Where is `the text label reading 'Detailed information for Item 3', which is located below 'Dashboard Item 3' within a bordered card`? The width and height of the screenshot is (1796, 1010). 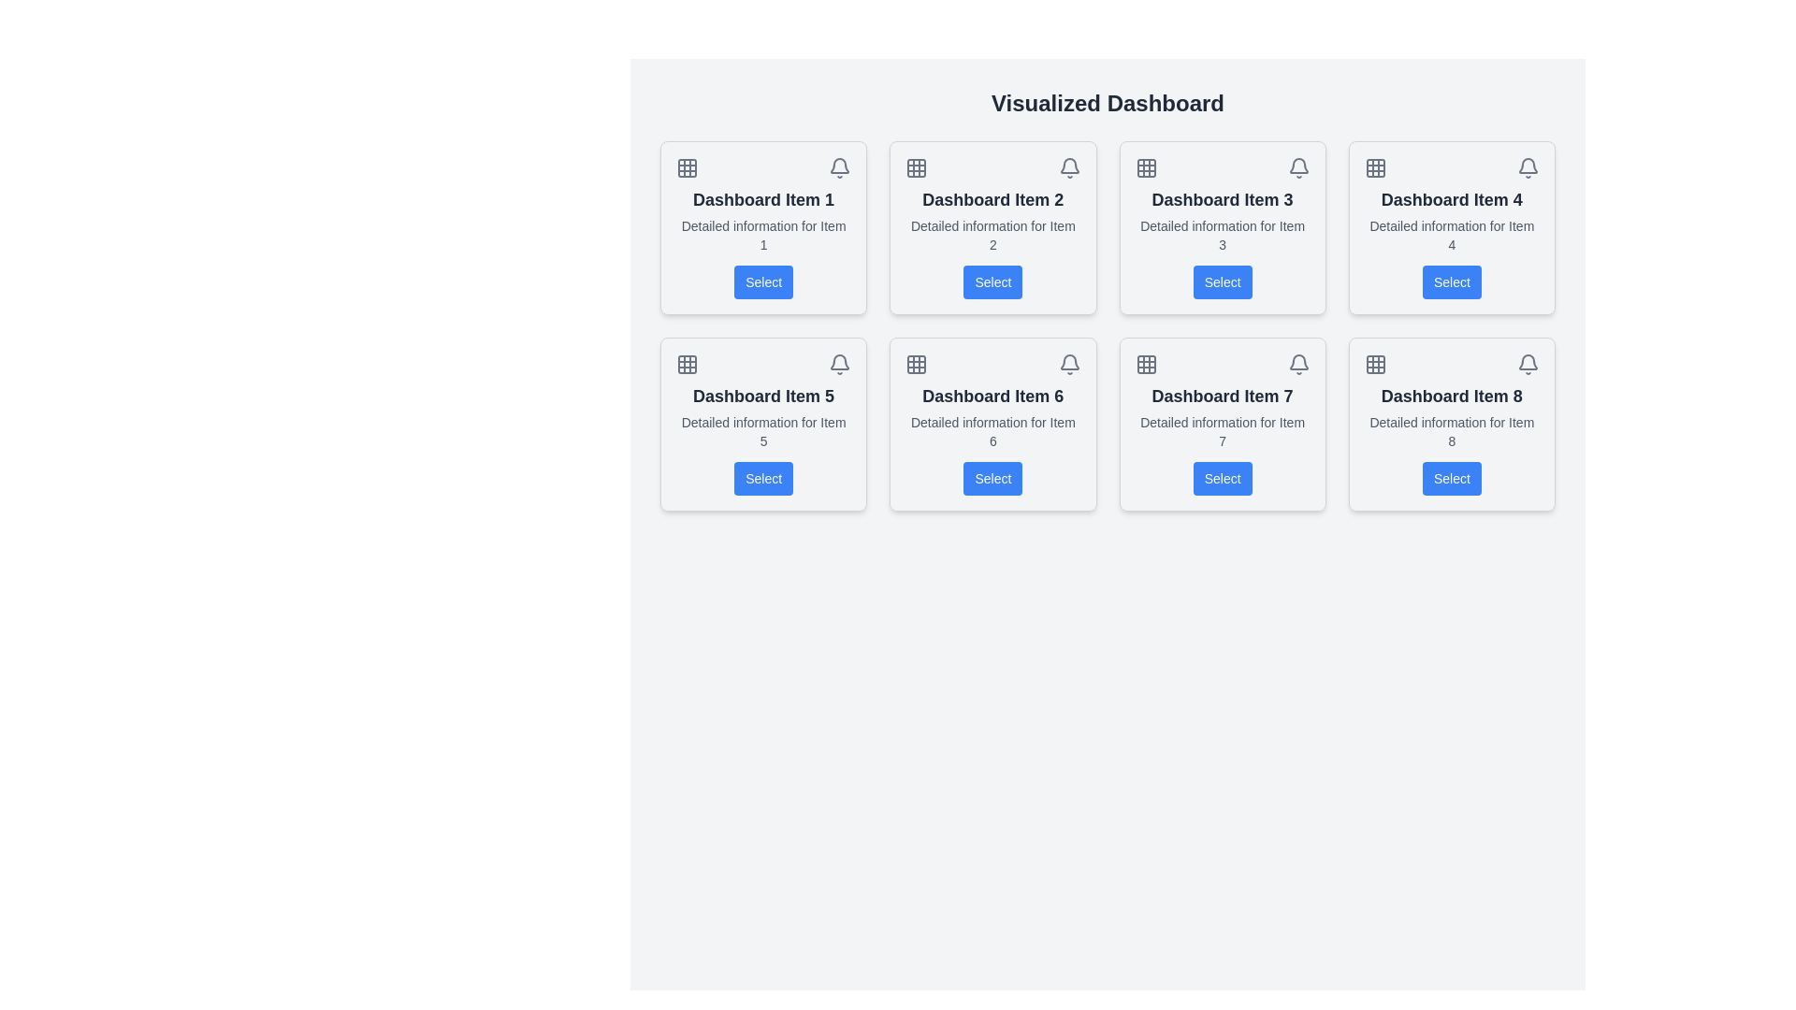
the text label reading 'Detailed information for Item 3', which is located below 'Dashboard Item 3' within a bordered card is located at coordinates (1223, 234).